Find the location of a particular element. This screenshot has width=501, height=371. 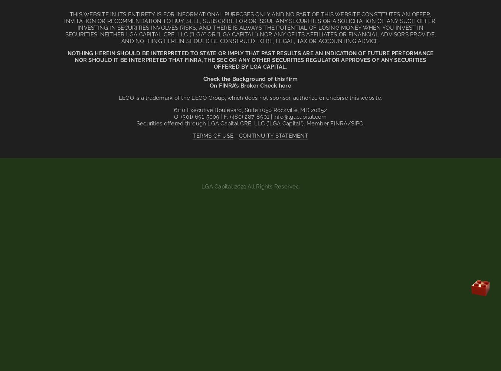

'-' is located at coordinates (236, 135).